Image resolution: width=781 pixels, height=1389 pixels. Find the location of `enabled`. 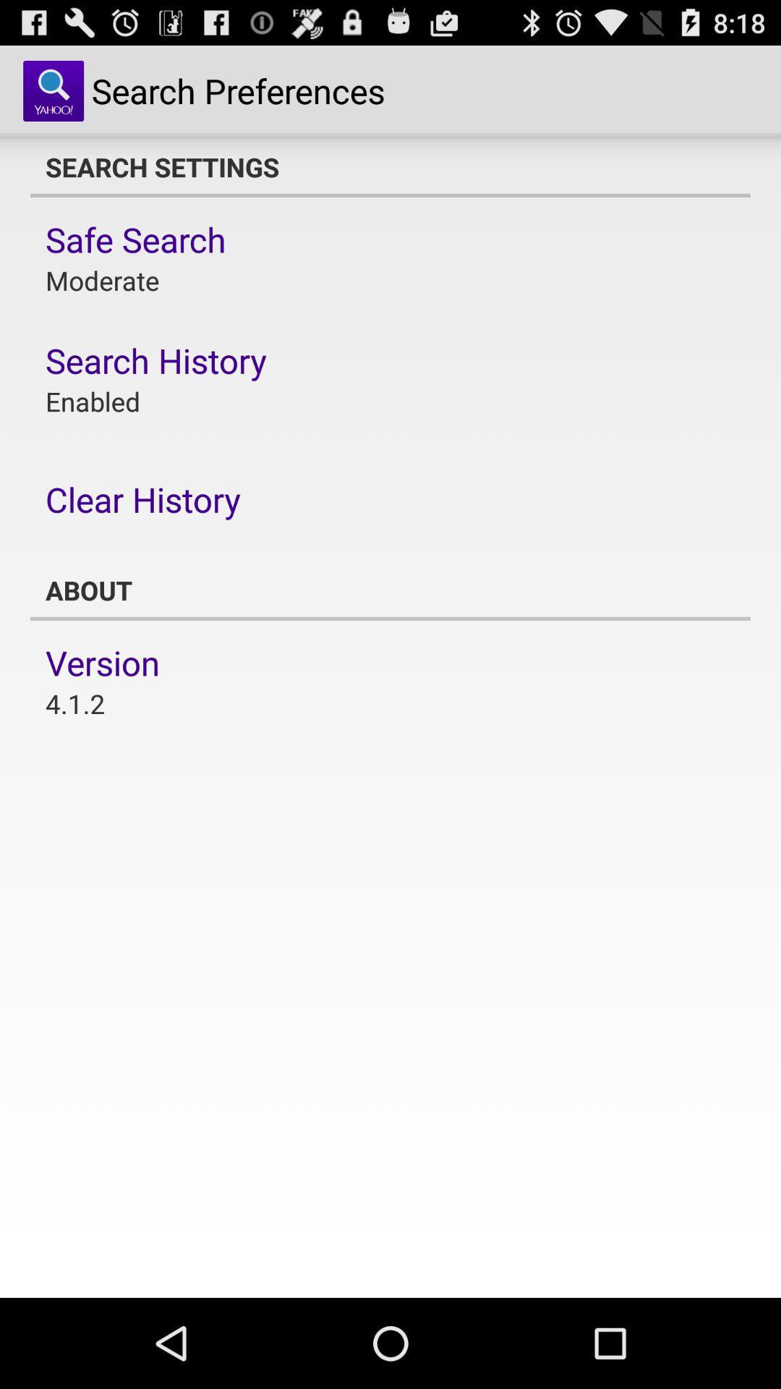

enabled is located at coordinates (93, 402).